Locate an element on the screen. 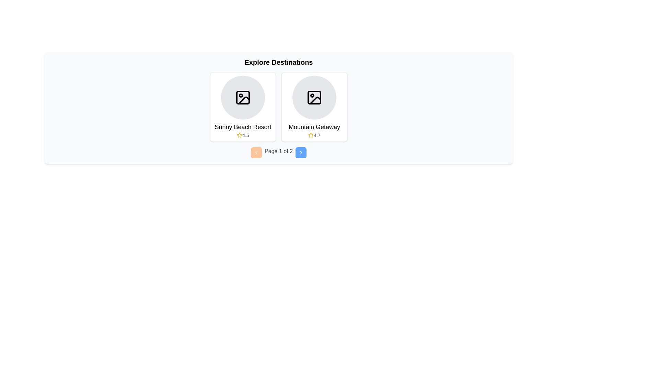  the hollow rectangular bounding box with rounded corners that surrounds the image icon in the 'Mountain Getaway' card is located at coordinates (314, 98).